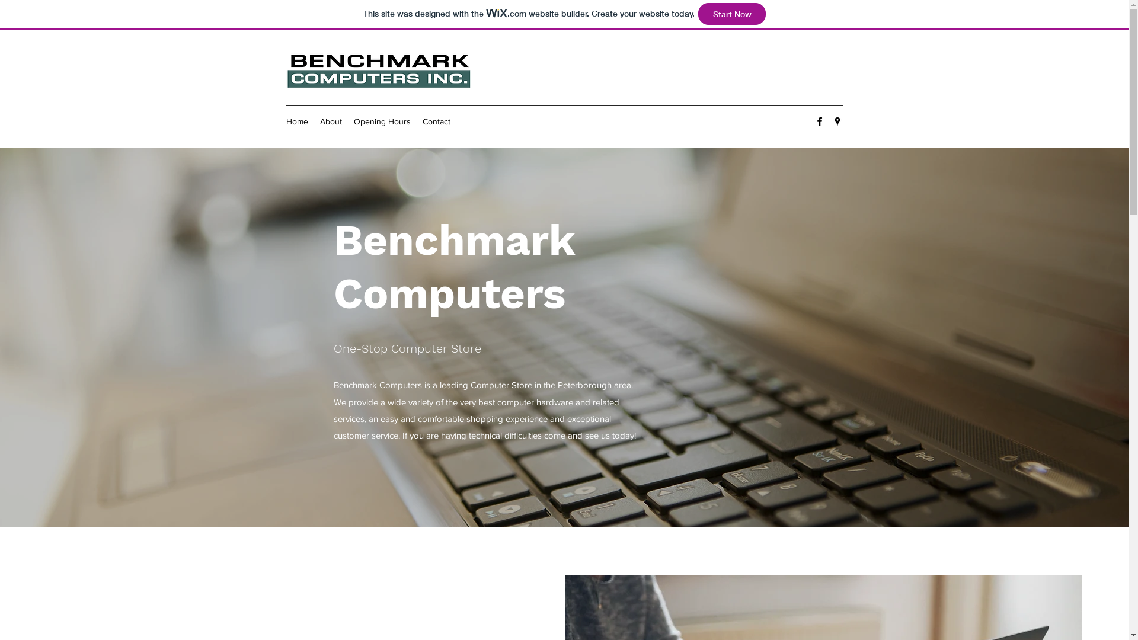  I want to click on 'Home', so click(296, 121).